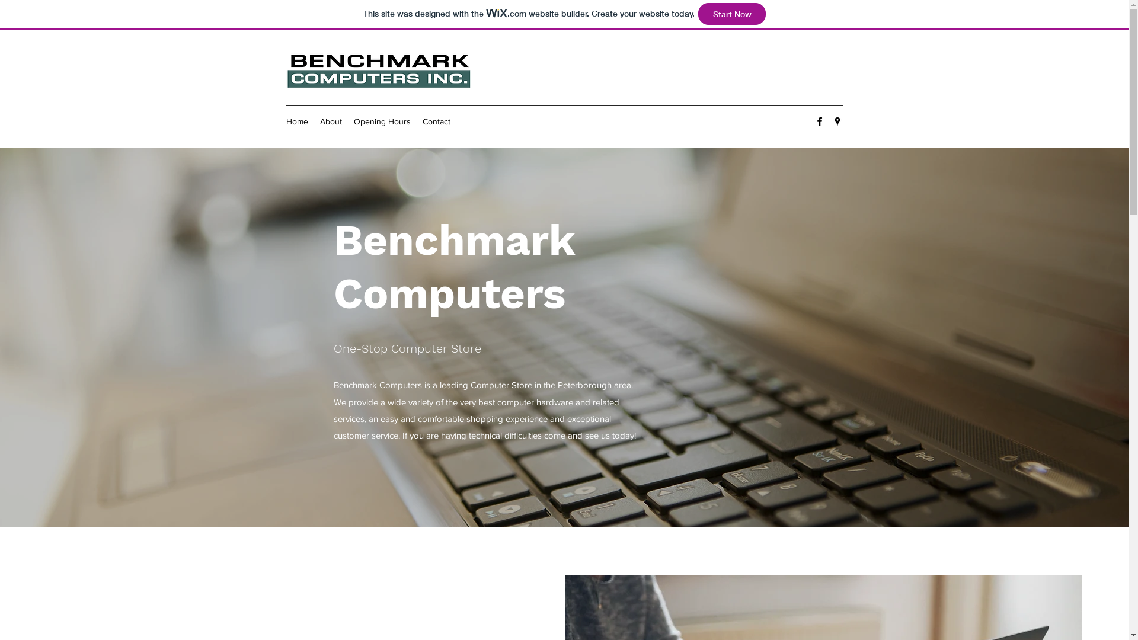  I want to click on 'Home', so click(296, 121).